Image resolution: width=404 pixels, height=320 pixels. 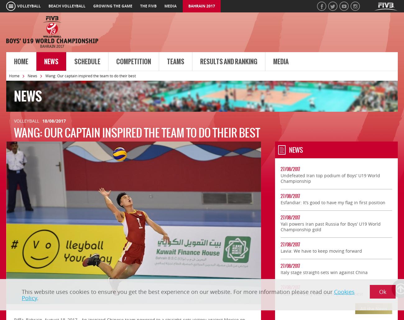 I want to click on 'Undefeated Iran top podium of Boys’ U19 World Championship', so click(x=330, y=178).